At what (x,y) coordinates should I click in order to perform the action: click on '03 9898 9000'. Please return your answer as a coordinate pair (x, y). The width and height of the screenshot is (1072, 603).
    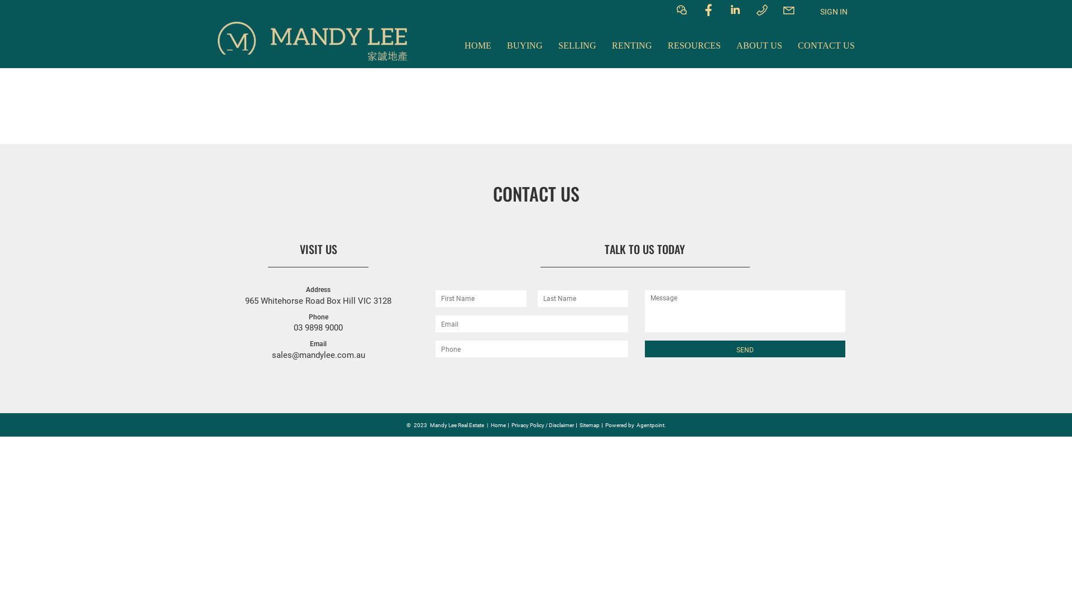
    Looking at the image, I should click on (294, 327).